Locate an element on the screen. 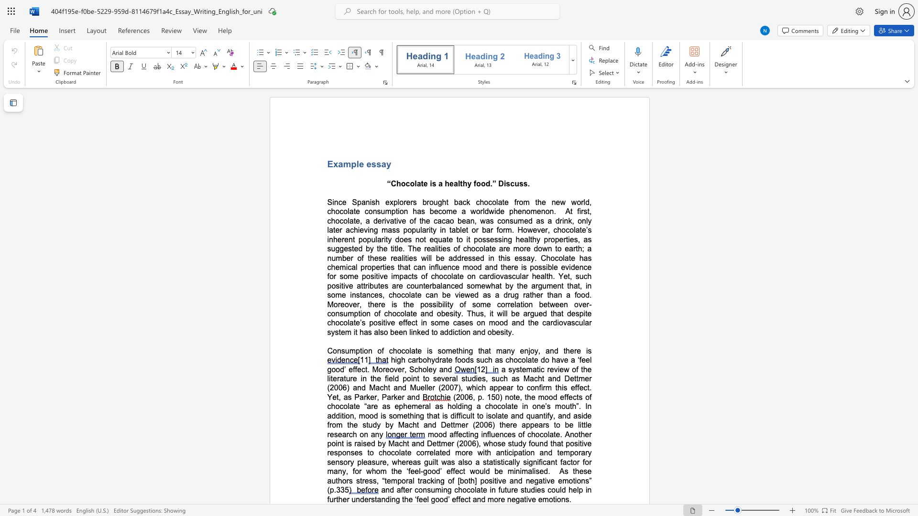  the subset text "e, a derivative of the cacao bean, was consumed as a drink, onl" within the text "At first, chocolate, a derivative of the cacao bean, was consumed as a drink, only later achieving mass popularity in tablet or bar form. However, chocolate’s inherent popularity does not equate to it" is located at coordinates (355, 221).